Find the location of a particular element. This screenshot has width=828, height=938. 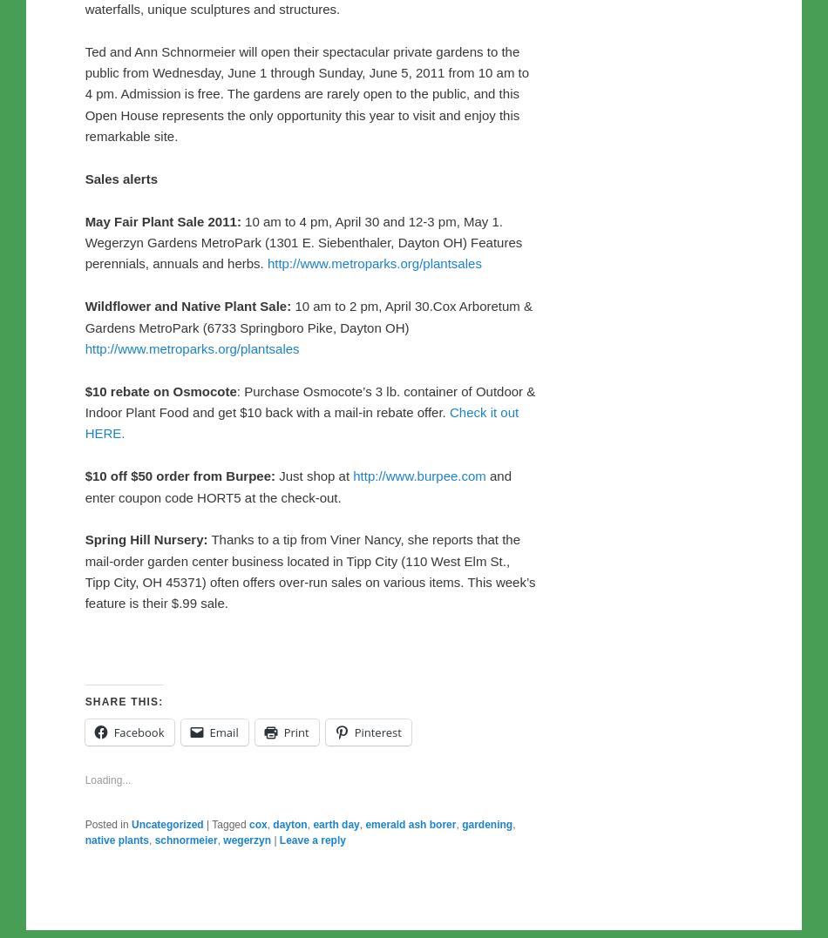

'Thais Reiff, Greene County Master Gardener EAB Specialist, will be give a free program, “Emerald Ash Borer for Homeowners”, on Wednesday, April 27th at 6:30 pm at the Greene County Extension Office (100 Fairground Rd. in Xenia OH 45385.) For more info, call 937-372-9971 or email the extension office at greenemgv@gmail.com.' is located at coordinates (309, 139).